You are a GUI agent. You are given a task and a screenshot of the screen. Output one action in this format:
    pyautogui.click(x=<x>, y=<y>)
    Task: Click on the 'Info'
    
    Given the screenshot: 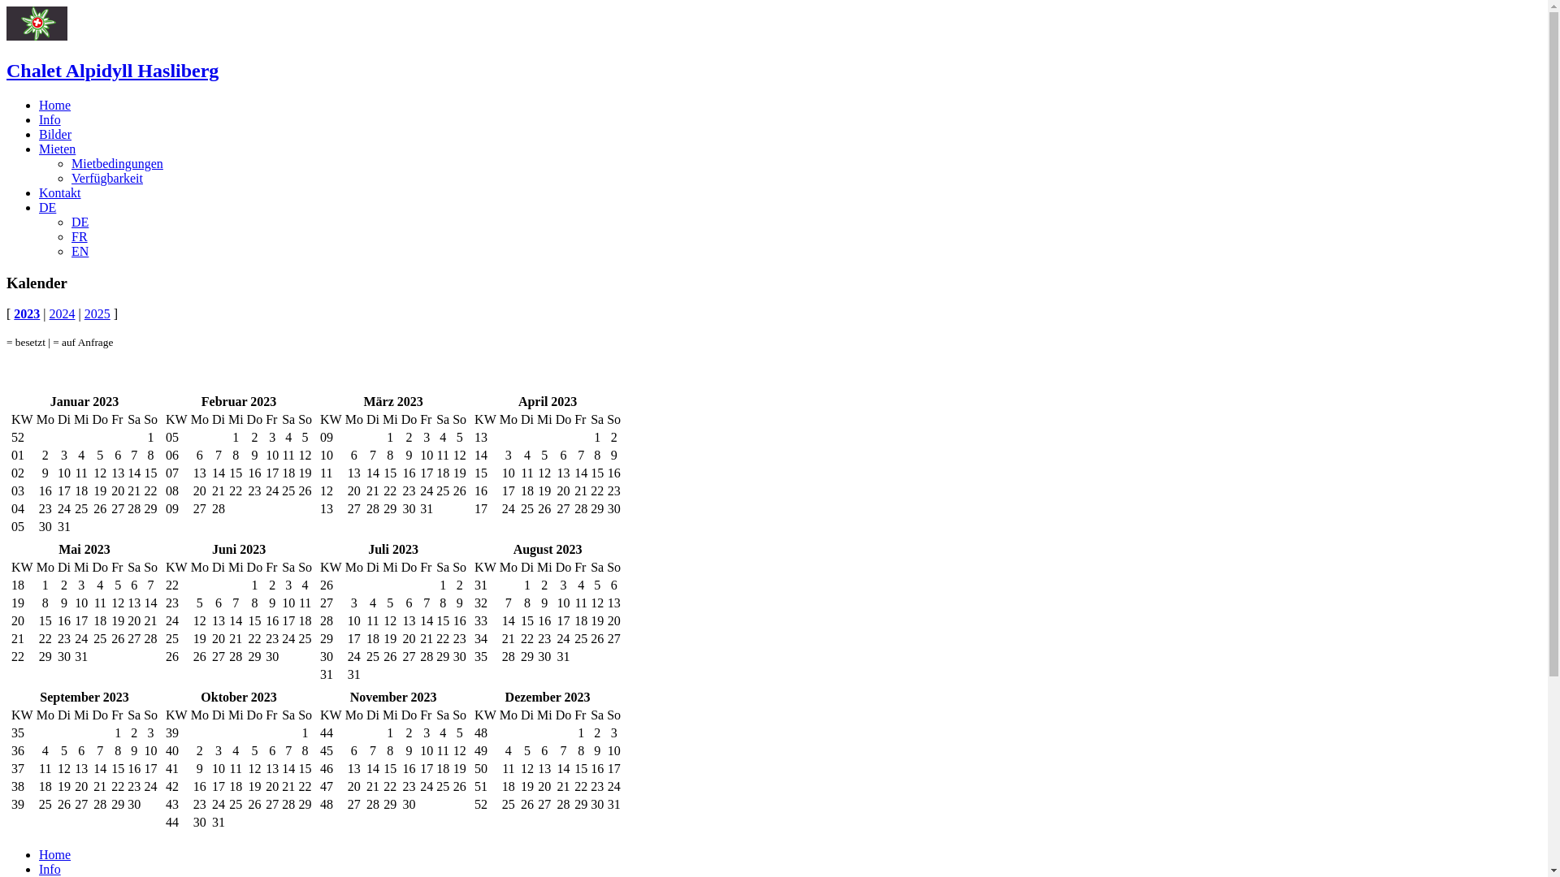 What is the action you would take?
    pyautogui.click(x=50, y=868)
    